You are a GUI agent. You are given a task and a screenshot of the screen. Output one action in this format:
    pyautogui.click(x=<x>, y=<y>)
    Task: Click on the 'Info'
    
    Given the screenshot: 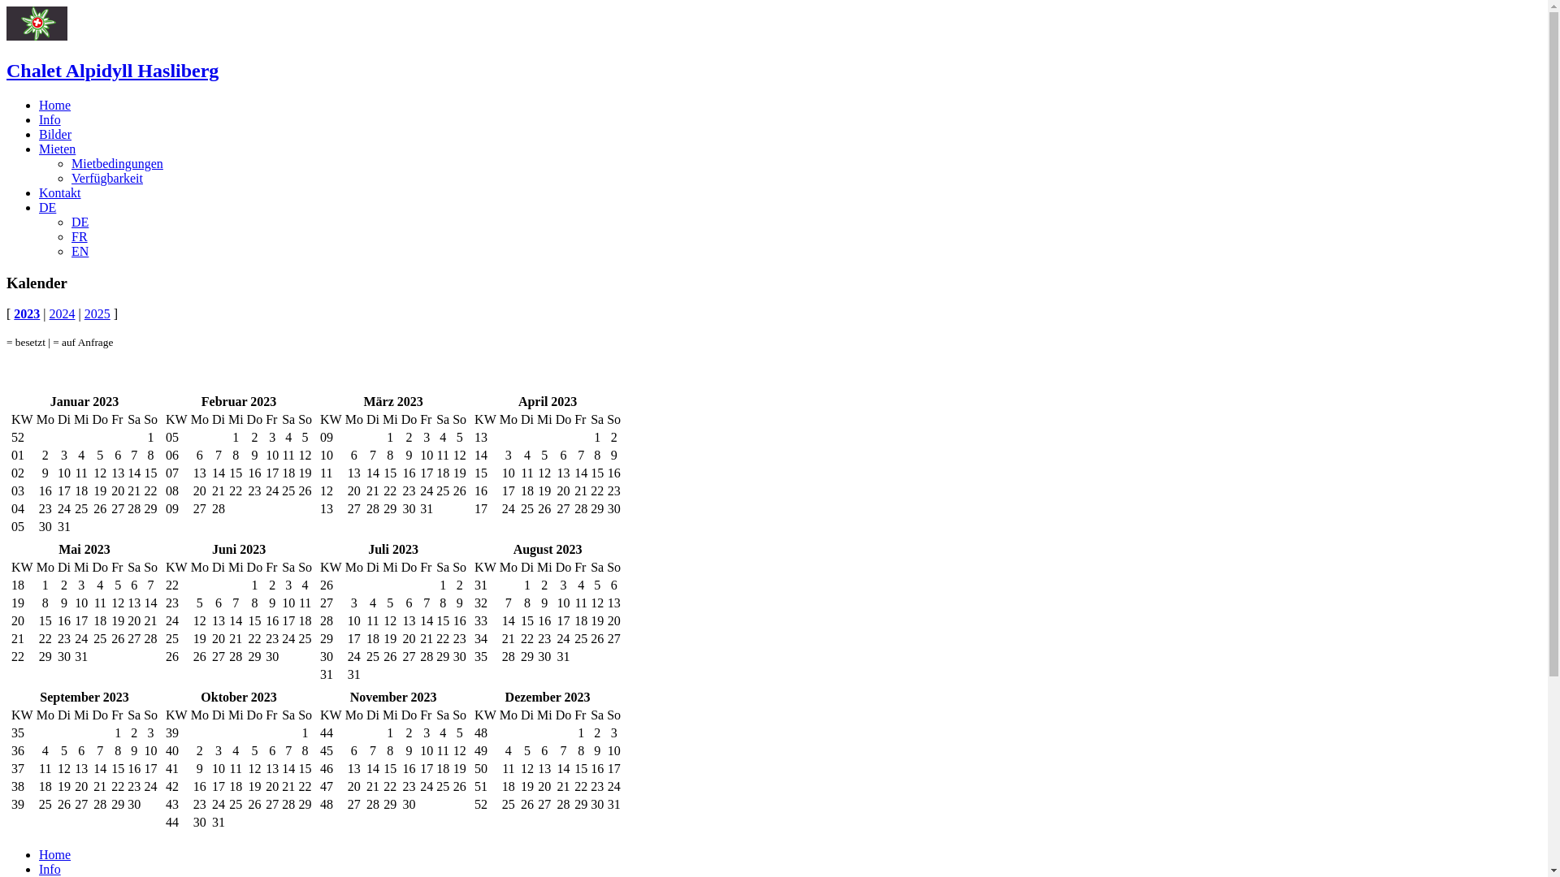 What is the action you would take?
    pyautogui.click(x=50, y=868)
    